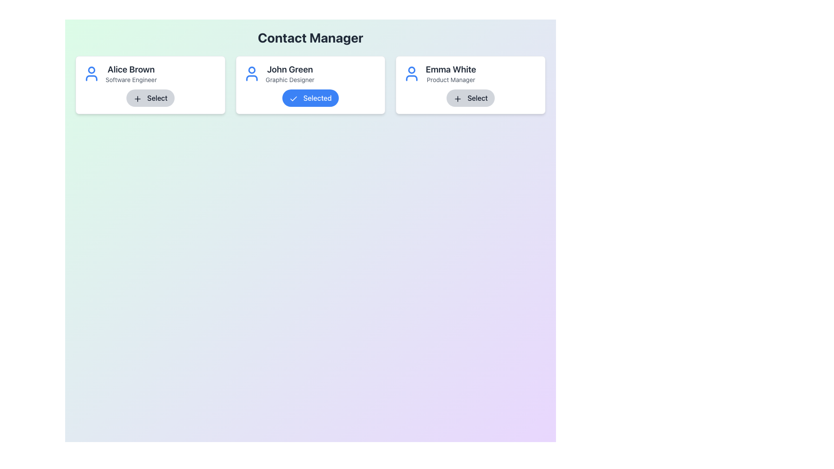 This screenshot has height=469, width=834. Describe the element at coordinates (251, 69) in the screenshot. I see `the graphical icon within the user avatar card labeled 'John Green, Graphic Designer' located at the top center of the interface` at that location.